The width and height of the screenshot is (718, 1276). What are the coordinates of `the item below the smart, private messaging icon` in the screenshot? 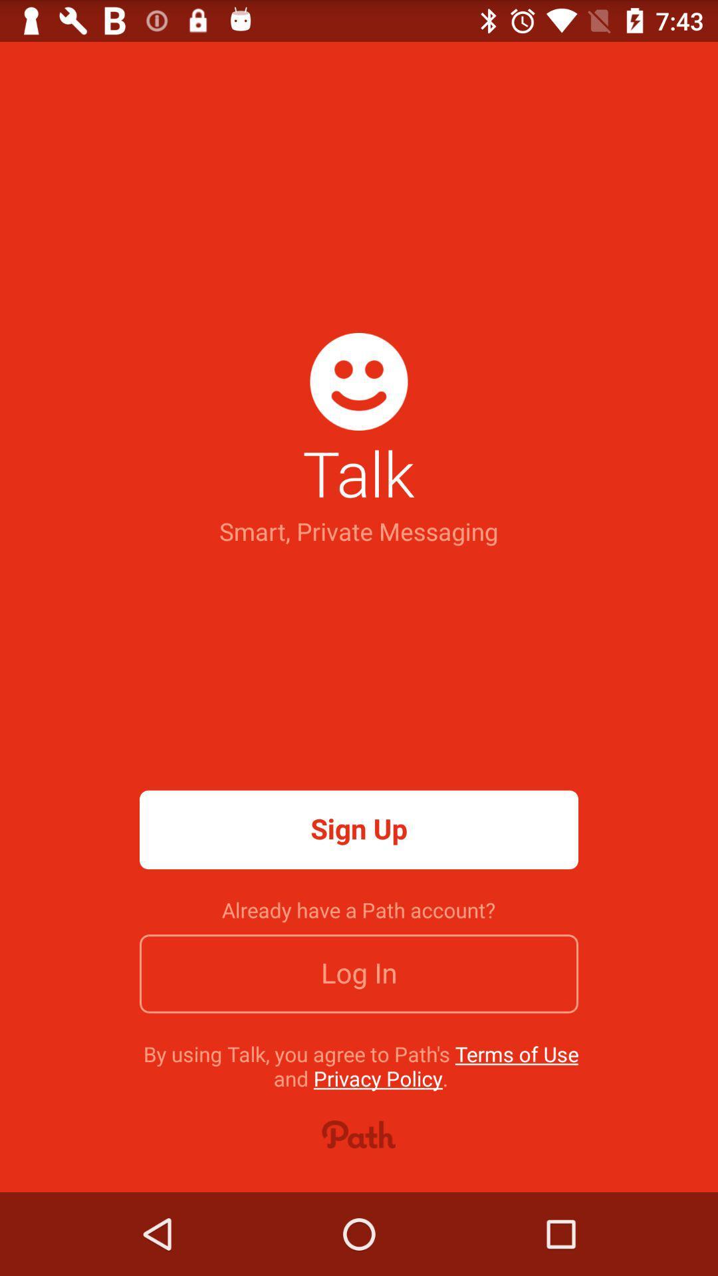 It's located at (359, 829).